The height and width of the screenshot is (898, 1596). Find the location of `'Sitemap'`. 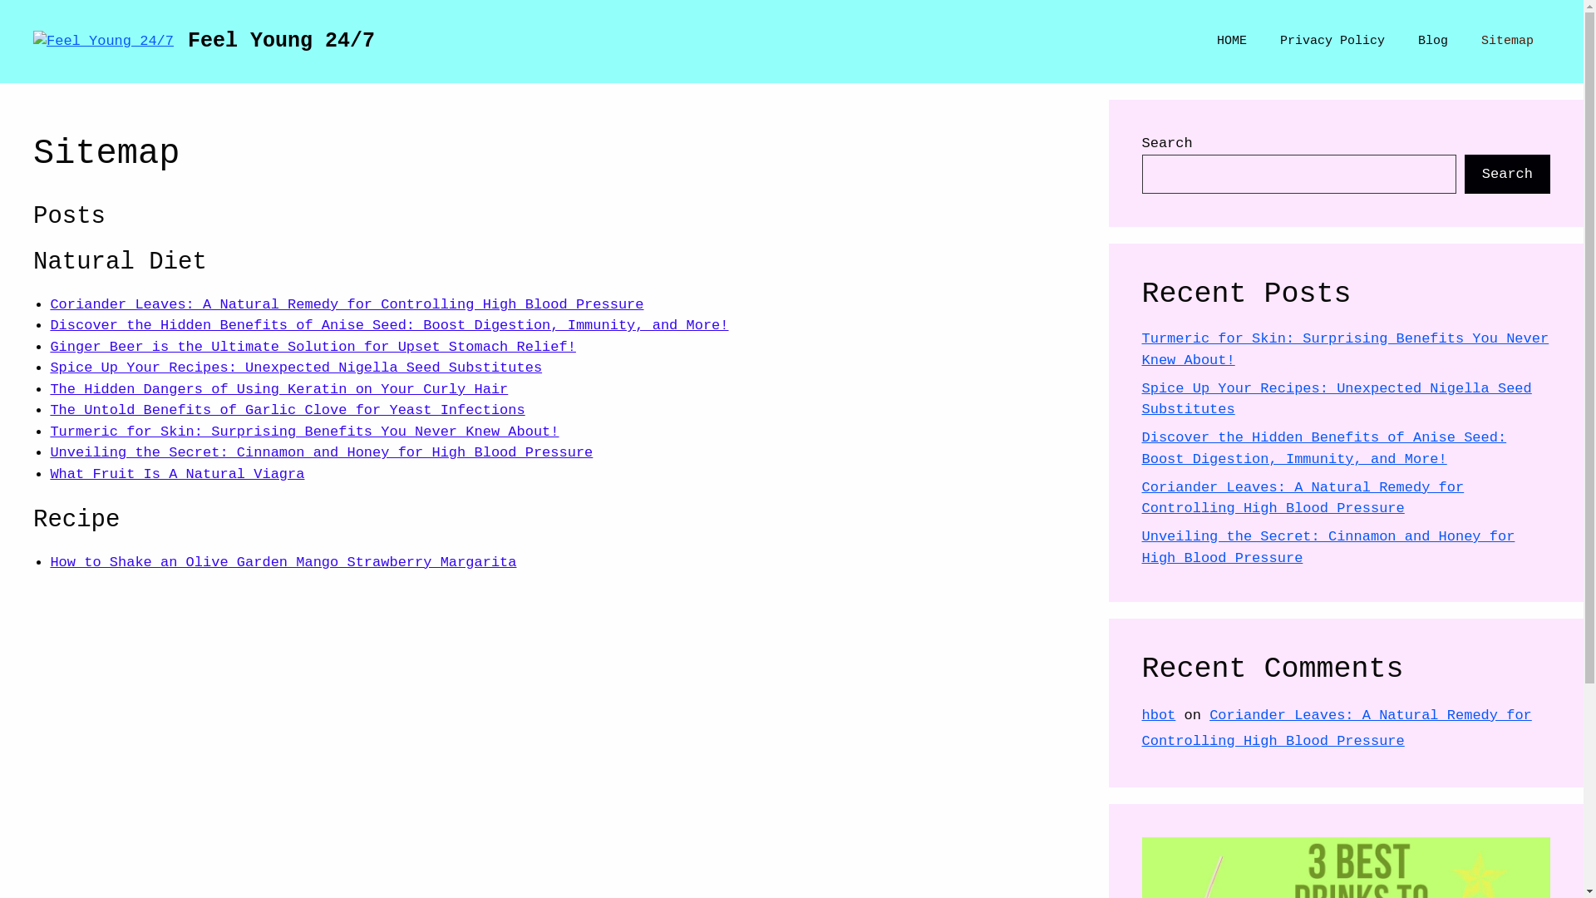

'Sitemap' is located at coordinates (1507, 41).